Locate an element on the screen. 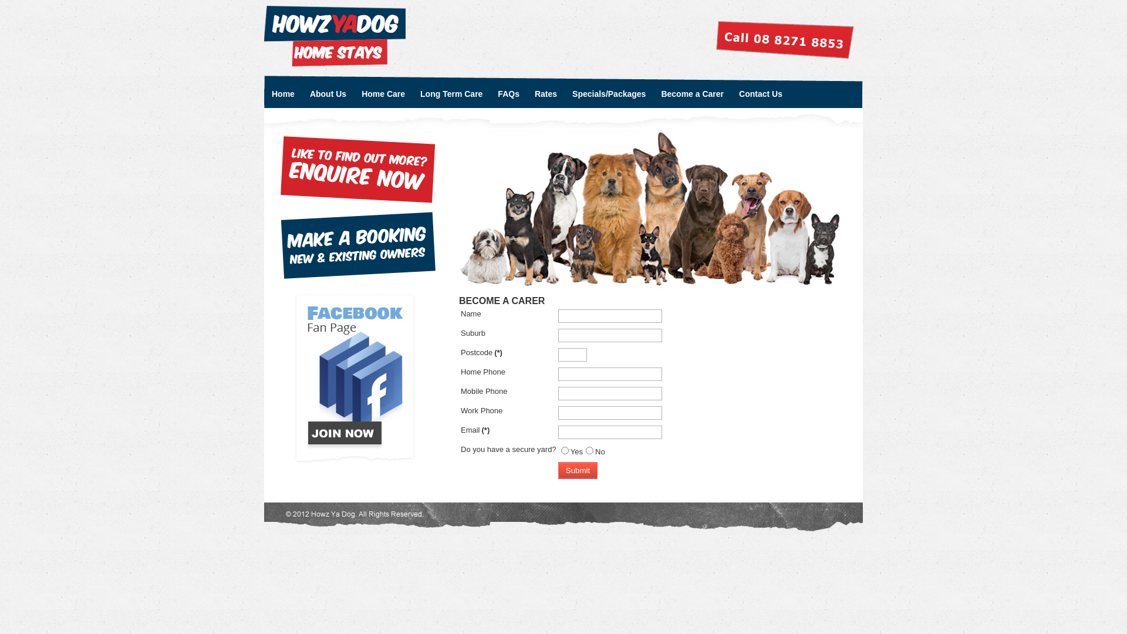  'Rates' is located at coordinates (527, 90).